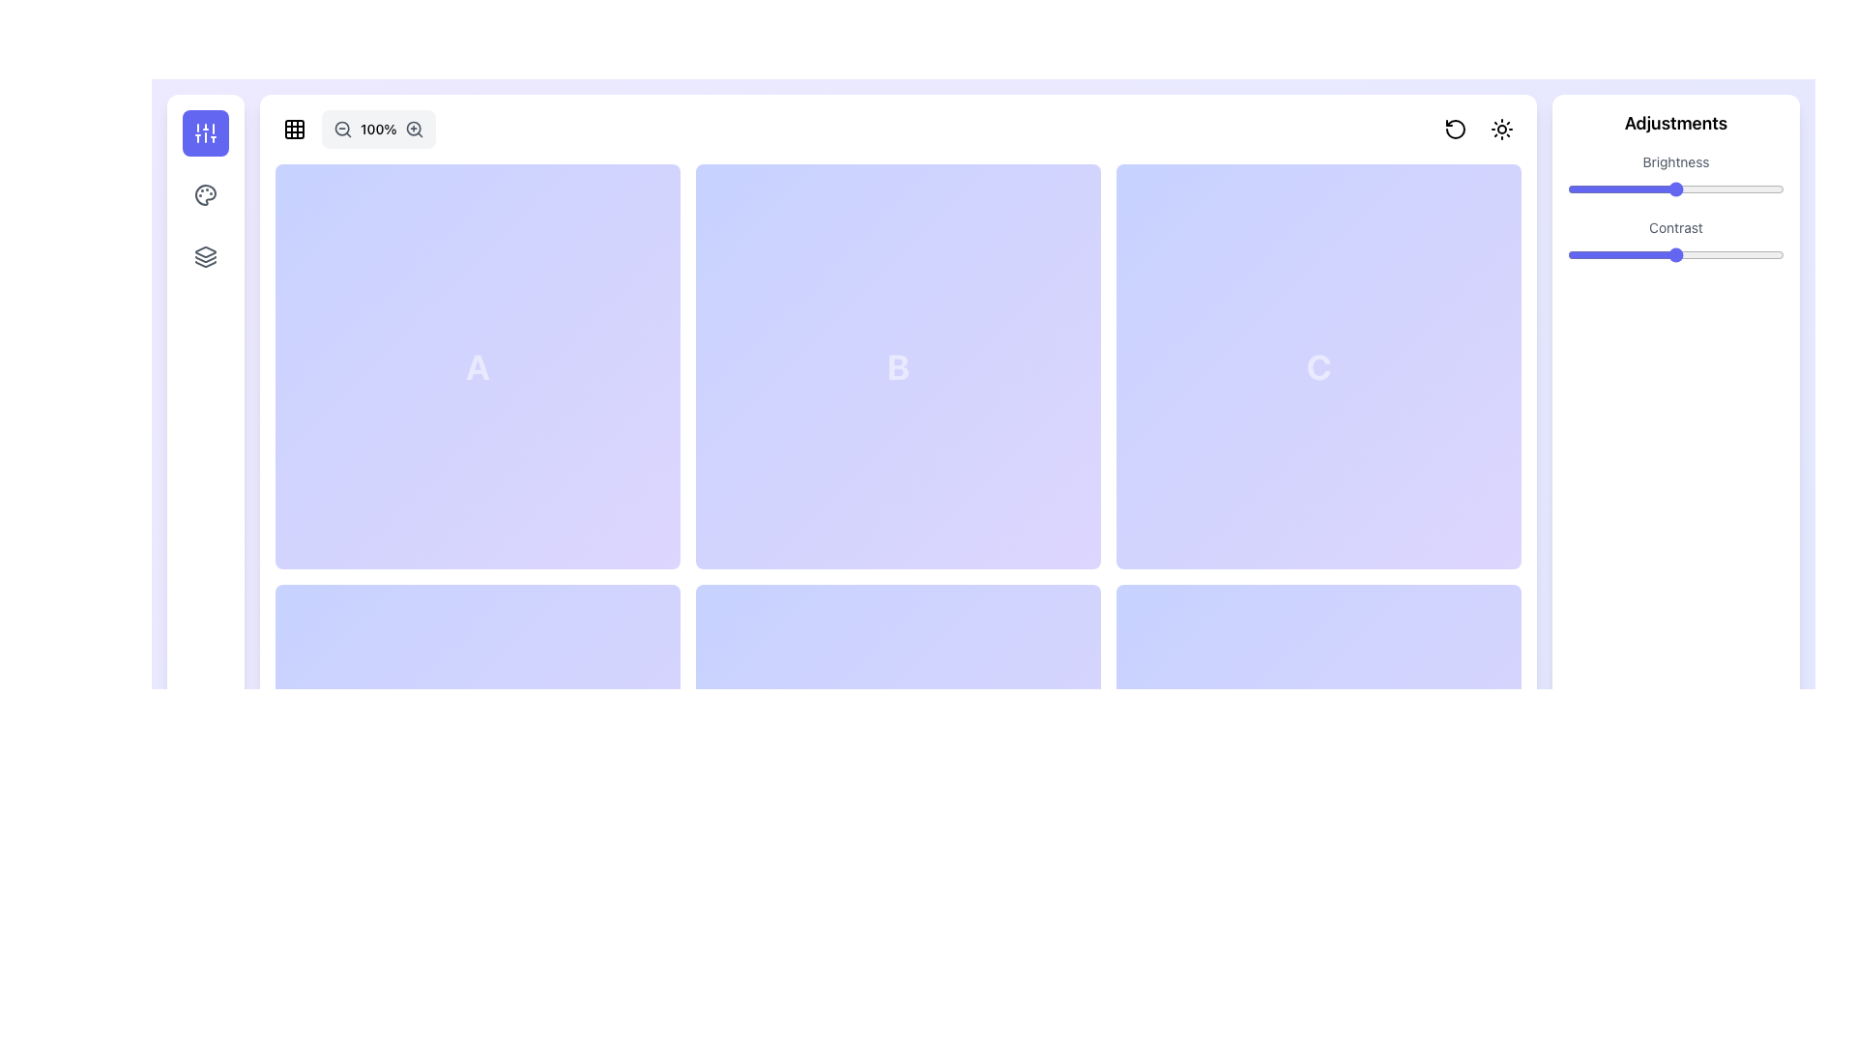  I want to click on the label displaying '100%' which is centrally located in the horizontal toolbar at the top of the view, styled with a light gray background and round corners, so click(378, 130).